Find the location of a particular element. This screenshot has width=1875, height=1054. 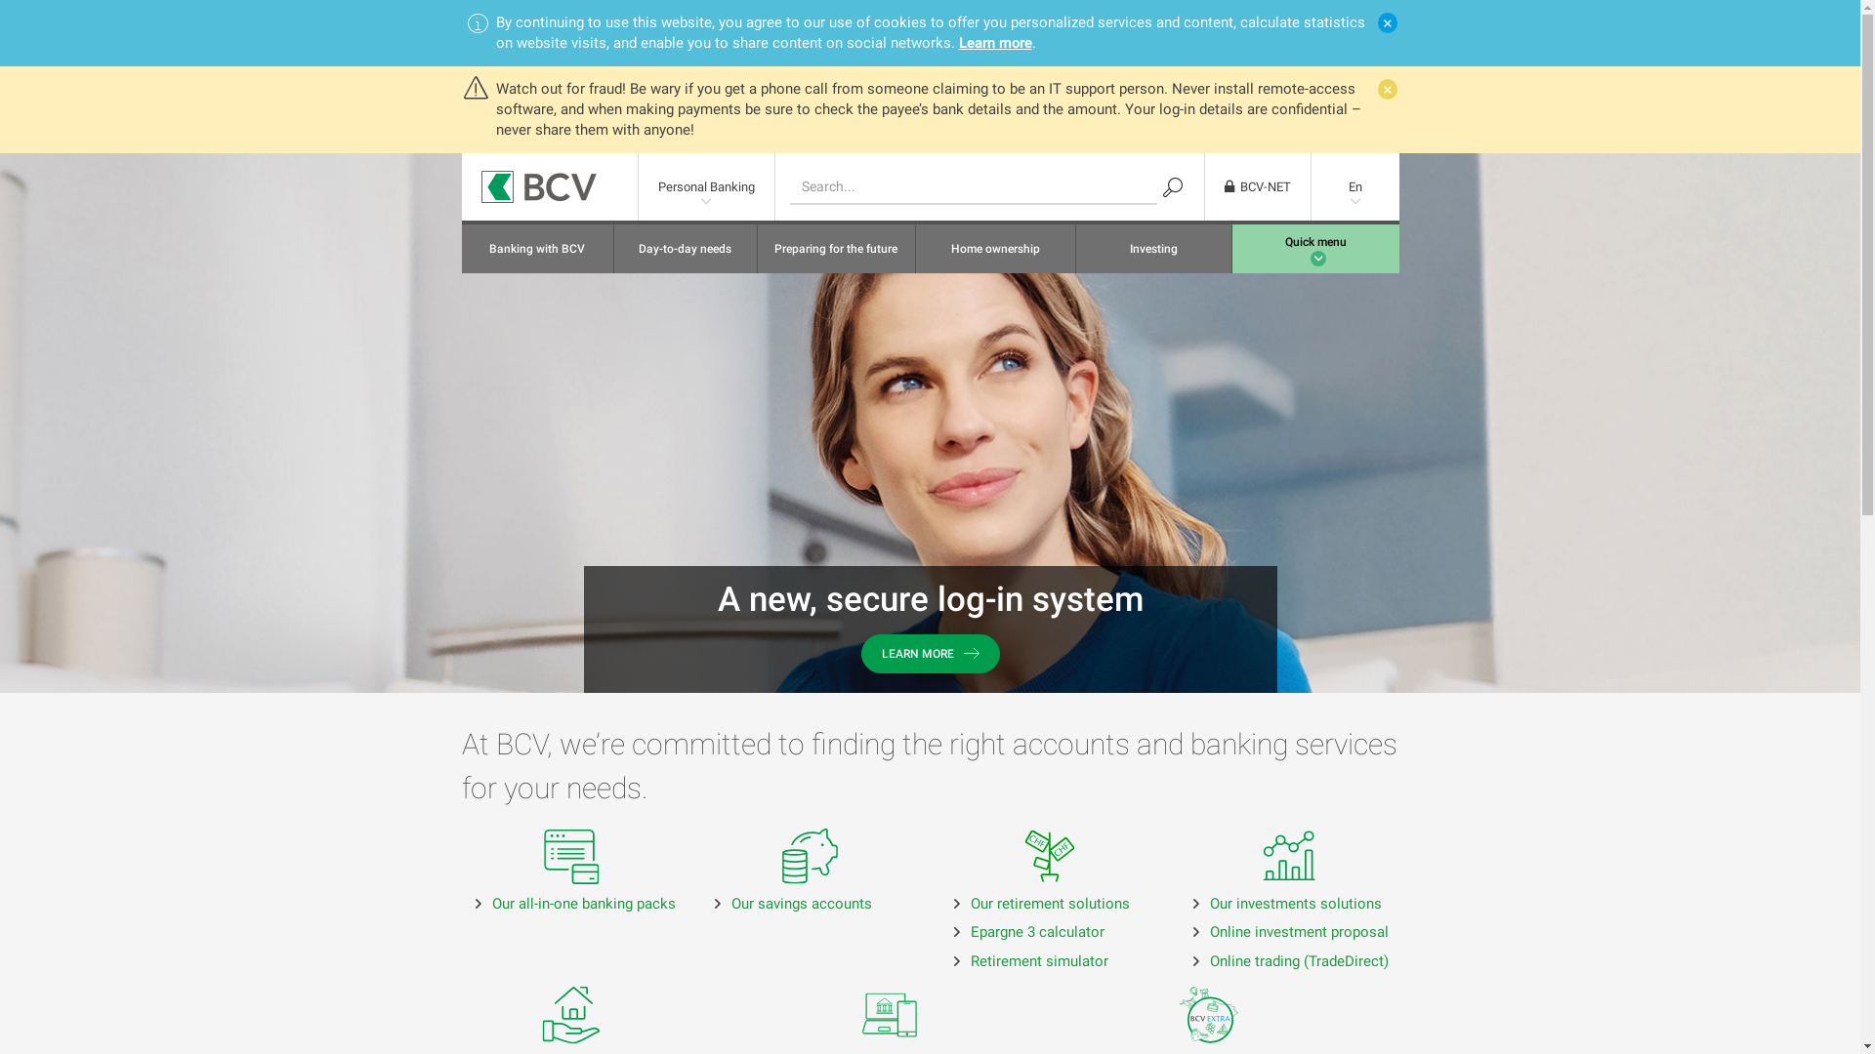

'Day-to-day needs' is located at coordinates (612, 247).